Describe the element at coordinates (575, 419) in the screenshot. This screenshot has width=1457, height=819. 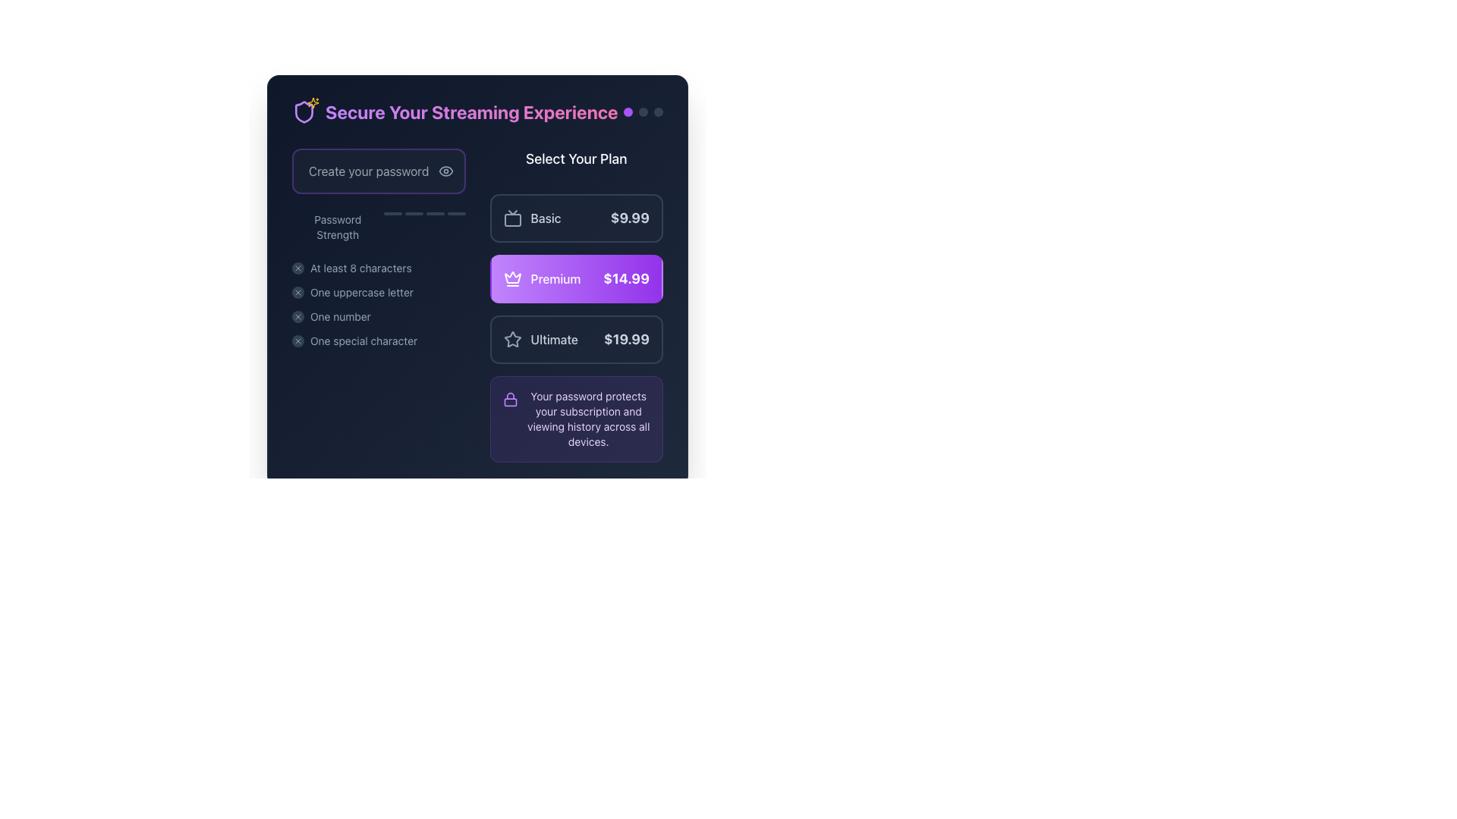
I see `the informational component with a light purple background and a lock icon containing the text 'Your password protects your subscription and viewing history across all devices.'` at that location.